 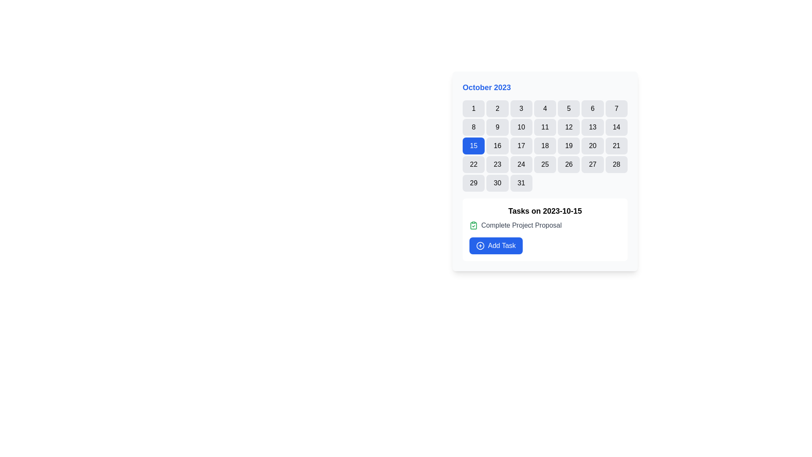 What do you see at coordinates (569, 127) in the screenshot?
I see `the button representing the 12th day of the month in the calendar interface` at bounding box center [569, 127].